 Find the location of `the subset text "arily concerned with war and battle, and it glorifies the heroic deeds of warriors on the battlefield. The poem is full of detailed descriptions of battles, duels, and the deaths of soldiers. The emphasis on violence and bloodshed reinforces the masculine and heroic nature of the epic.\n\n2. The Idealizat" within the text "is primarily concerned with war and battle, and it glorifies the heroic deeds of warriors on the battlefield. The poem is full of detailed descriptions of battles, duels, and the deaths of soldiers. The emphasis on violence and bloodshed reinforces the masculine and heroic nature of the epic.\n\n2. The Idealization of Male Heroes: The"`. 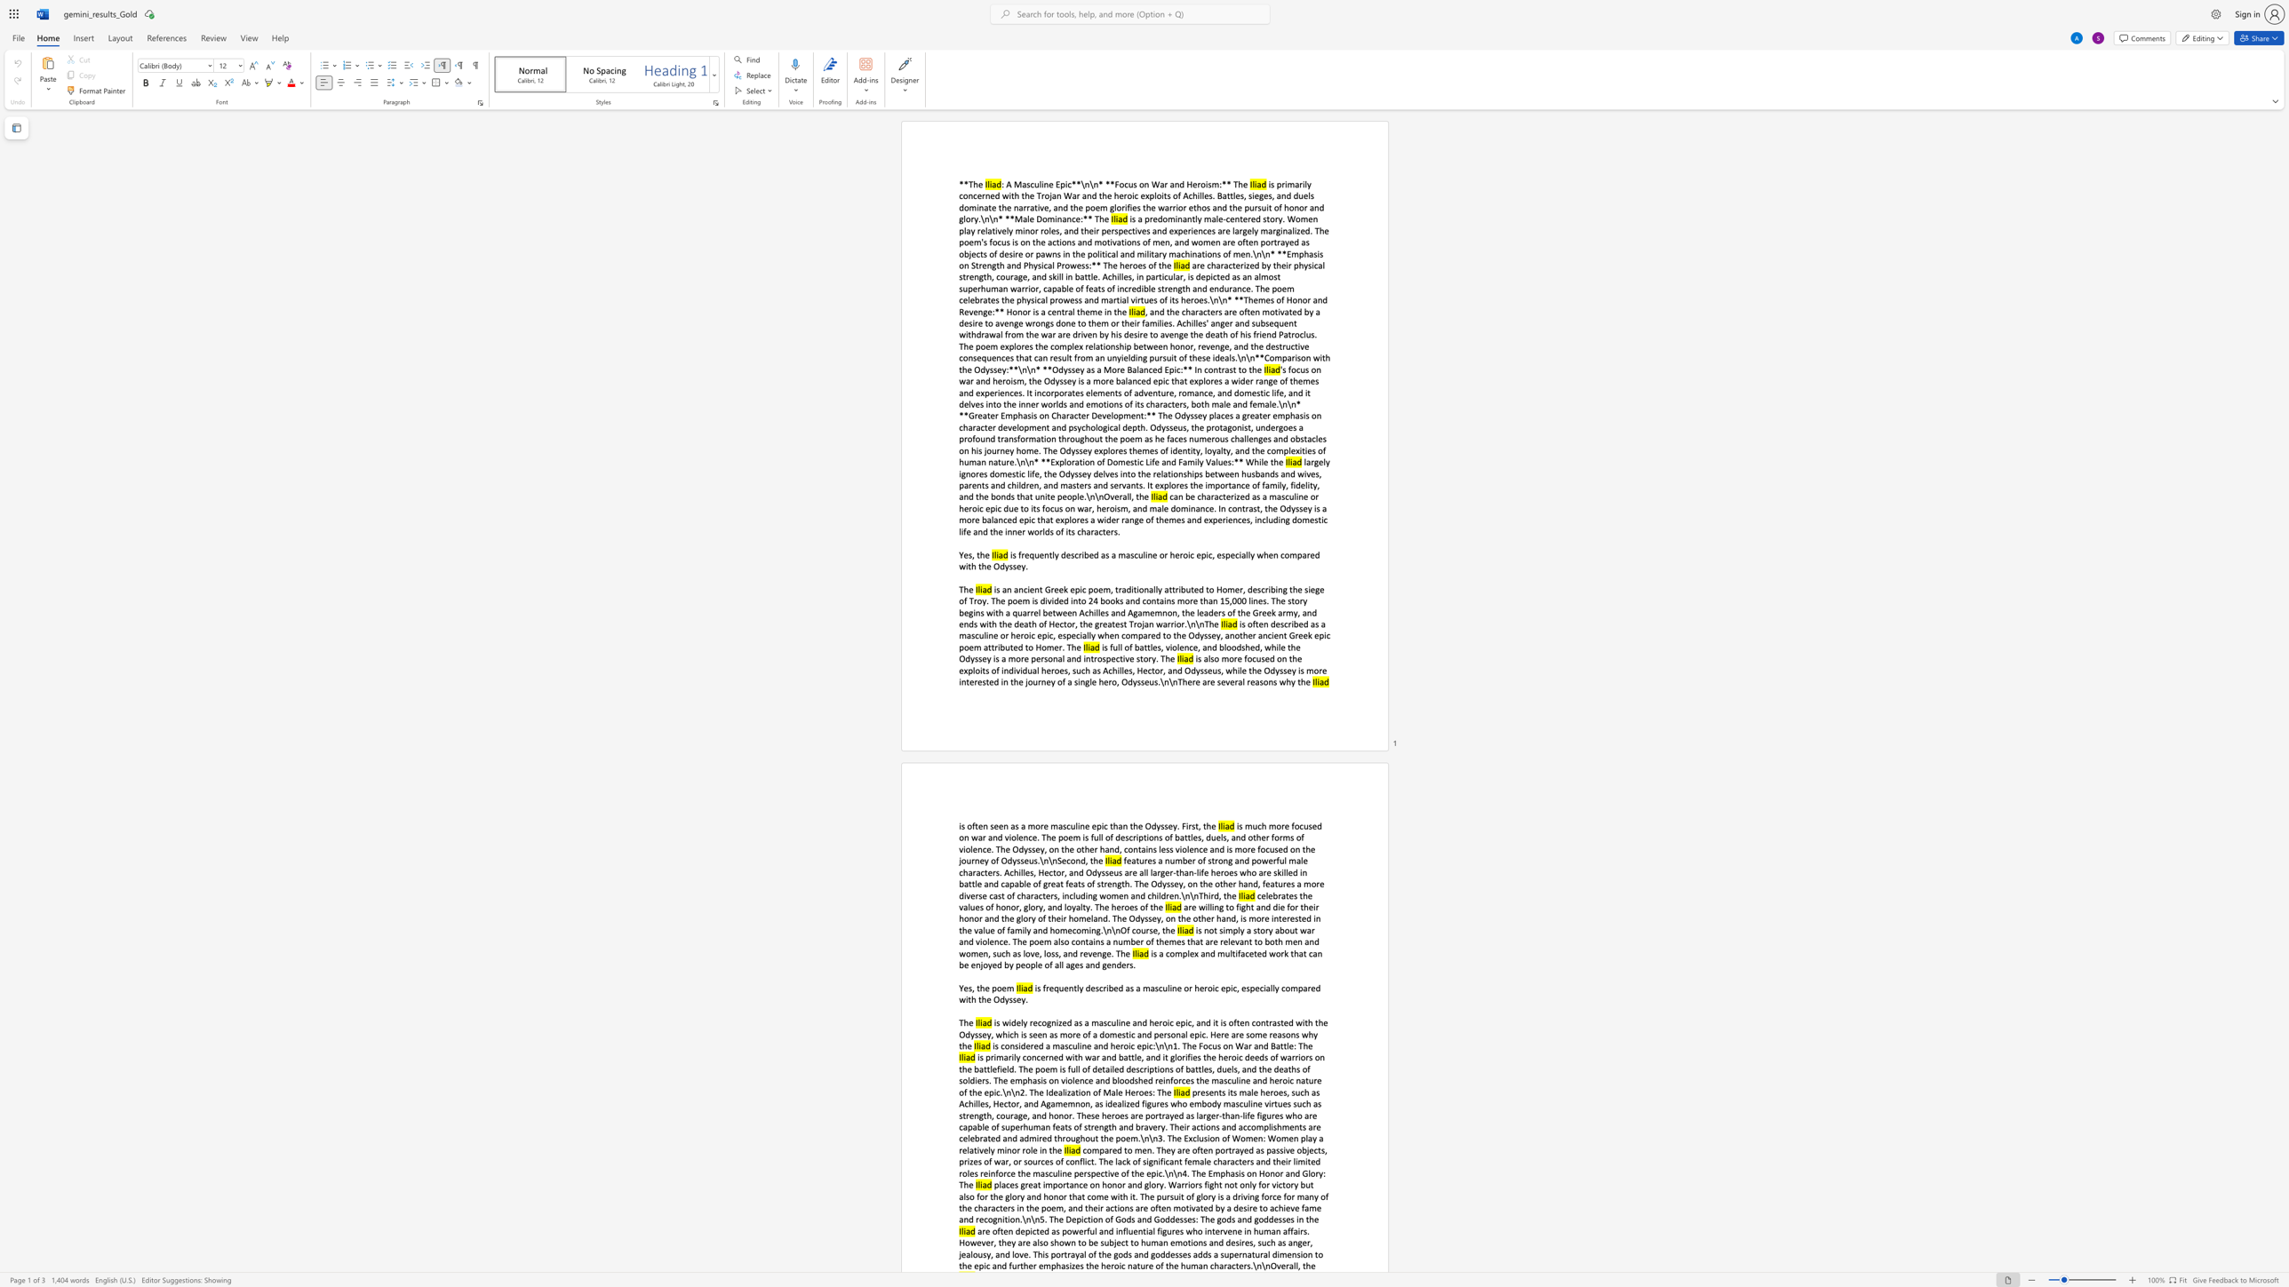

the subset text "arily concerned with war and battle, and it glorifies the heroic deeds of warriors on the battlefield. The poem is full of detailed descriptions of battles, duels, and the deaths of soldiers. The emphasis on violence and bloodshed reinforces the masculine and heroic nature of the epic.\n\n2. The Idealizat" within the text "is primarily concerned with war and battle, and it glorifies the heroic deeds of warriors on the battlefield. The poem is full of detailed descriptions of battles, duels, and the deaths of soldiers. The emphasis on violence and bloodshed reinforces the masculine and heroic nature of the epic.\n\n2. The Idealization of Male Heroes: The" is located at coordinates (1003, 1056).